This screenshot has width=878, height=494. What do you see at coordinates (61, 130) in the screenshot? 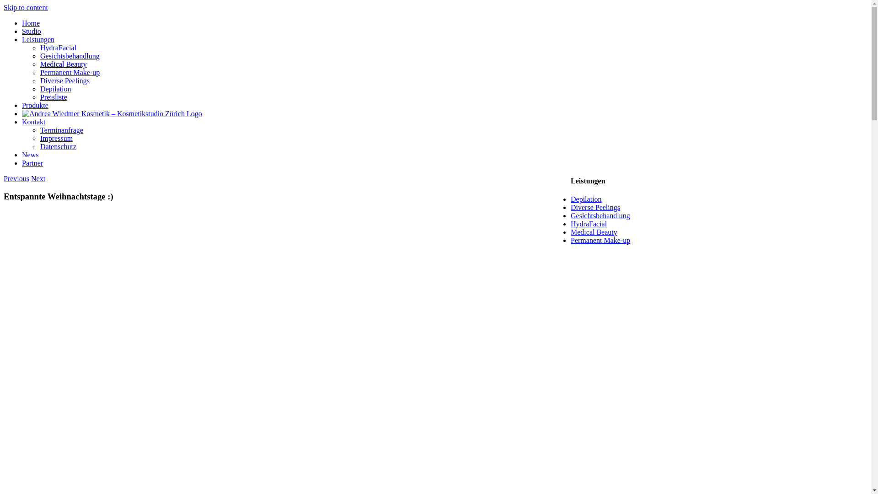
I see `'Terminanfrage'` at bounding box center [61, 130].